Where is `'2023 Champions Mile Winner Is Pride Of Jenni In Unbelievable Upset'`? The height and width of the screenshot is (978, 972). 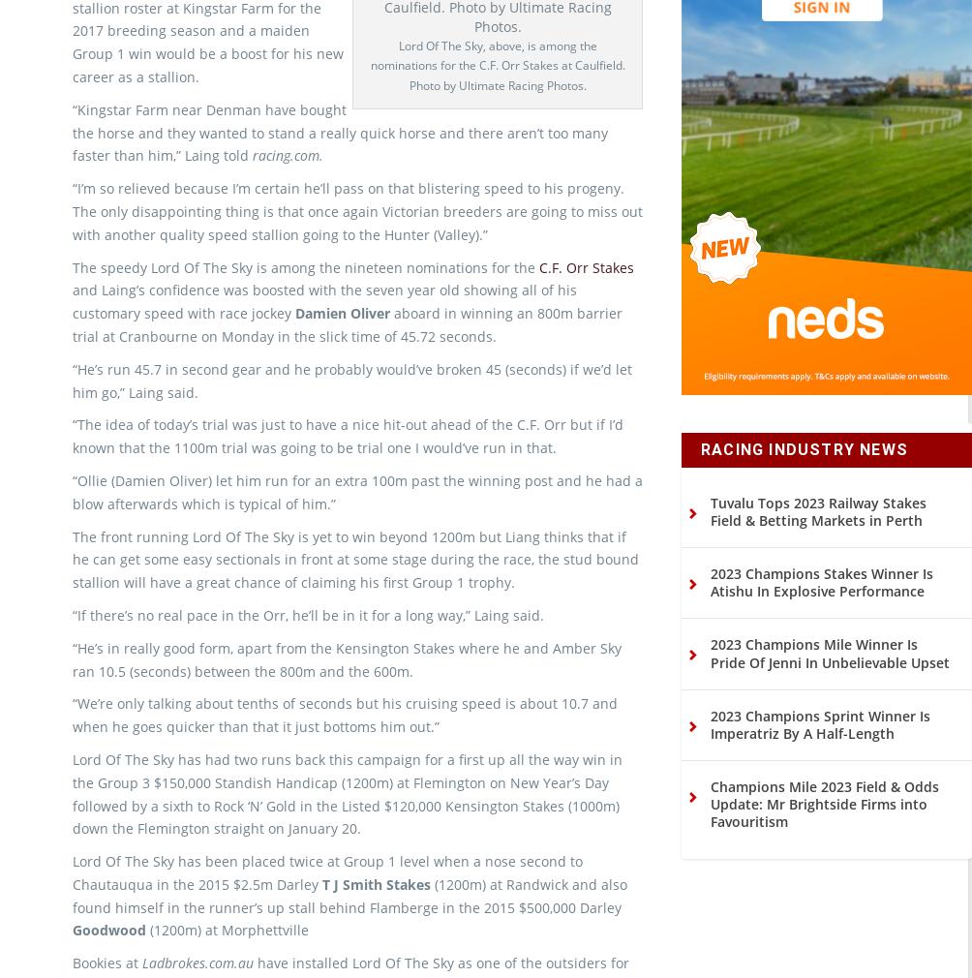 '2023 Champions Mile Winner Is Pride Of Jenni In Unbelievable Upset' is located at coordinates (830, 685).